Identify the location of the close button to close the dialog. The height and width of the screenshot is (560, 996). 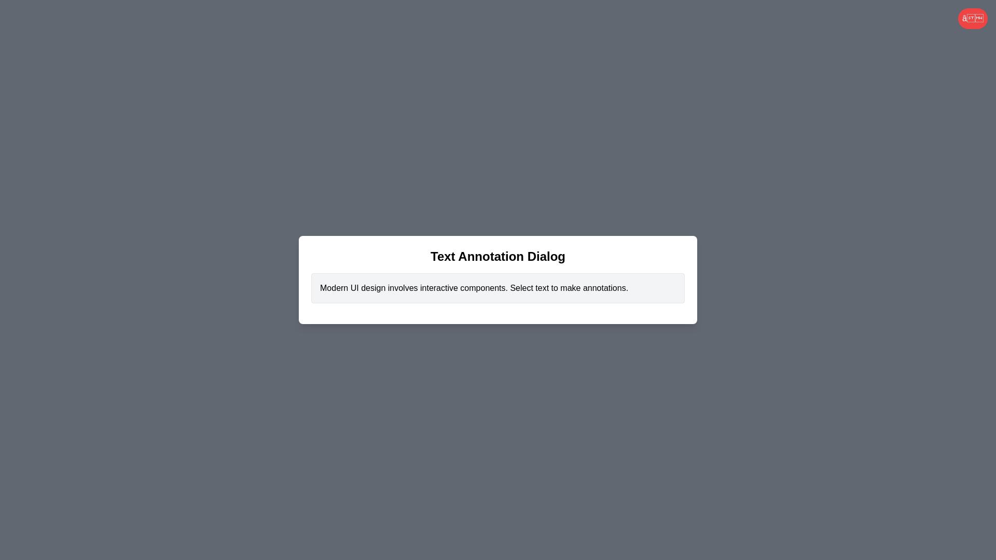
(972, 18).